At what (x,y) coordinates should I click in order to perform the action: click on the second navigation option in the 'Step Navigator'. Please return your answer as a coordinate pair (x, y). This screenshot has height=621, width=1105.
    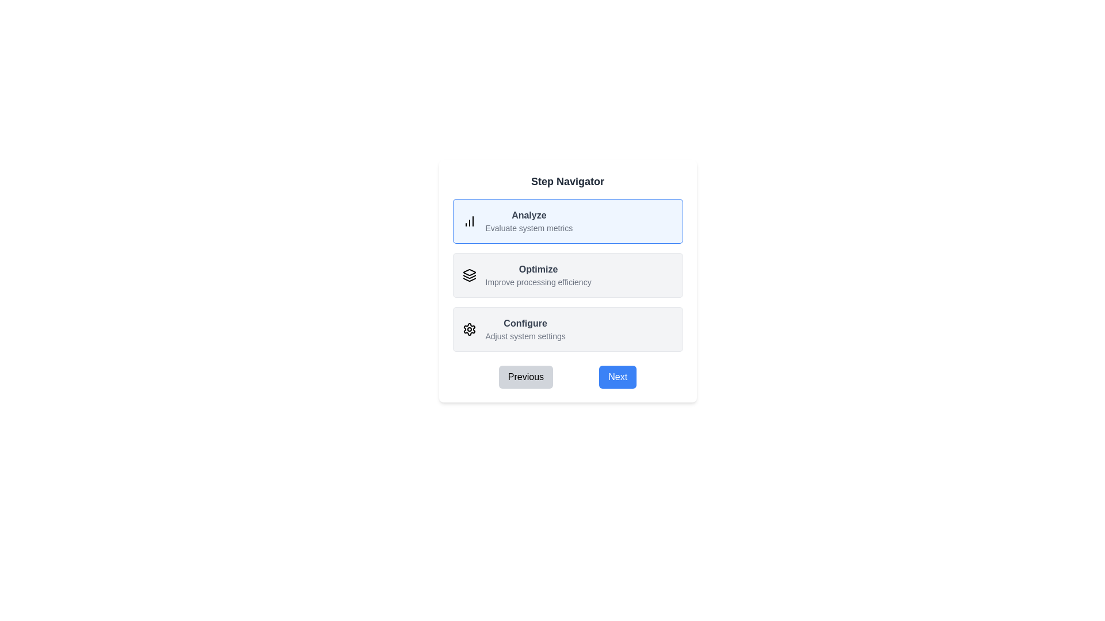
    Looking at the image, I should click on (538, 275).